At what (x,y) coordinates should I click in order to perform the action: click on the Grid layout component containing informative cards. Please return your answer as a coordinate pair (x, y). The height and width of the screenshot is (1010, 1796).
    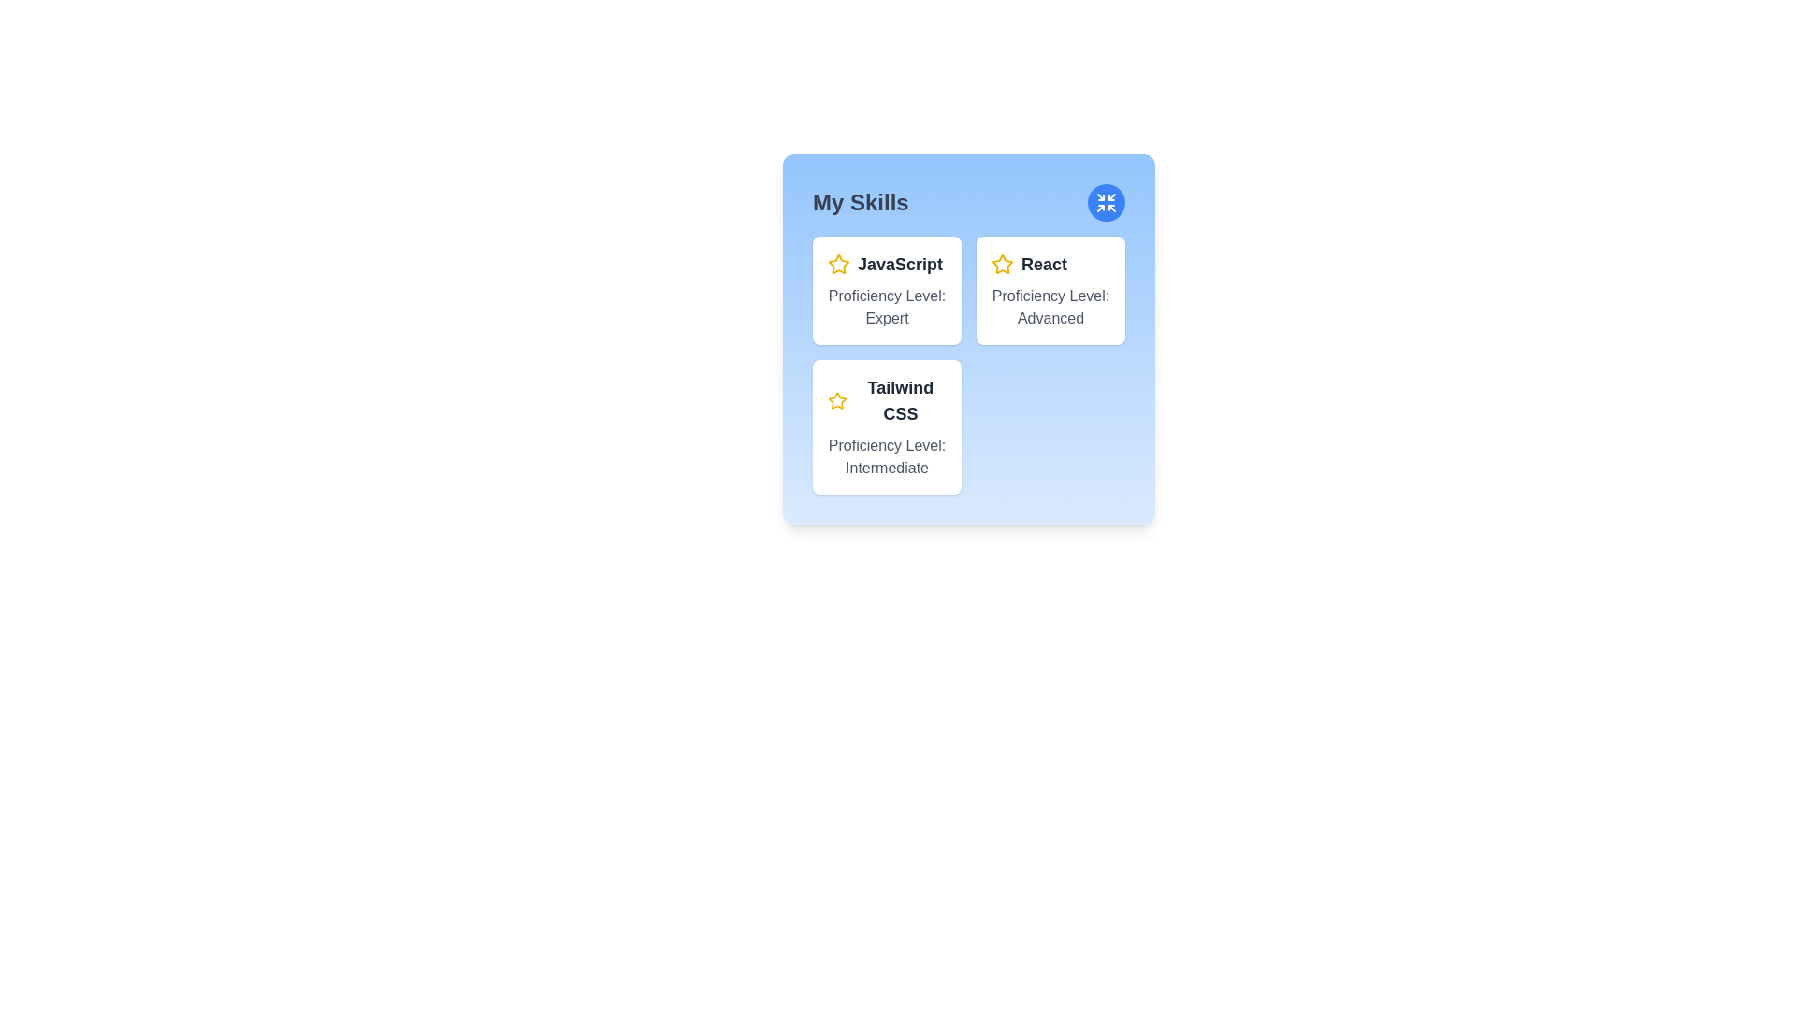
    Looking at the image, I should click on (969, 365).